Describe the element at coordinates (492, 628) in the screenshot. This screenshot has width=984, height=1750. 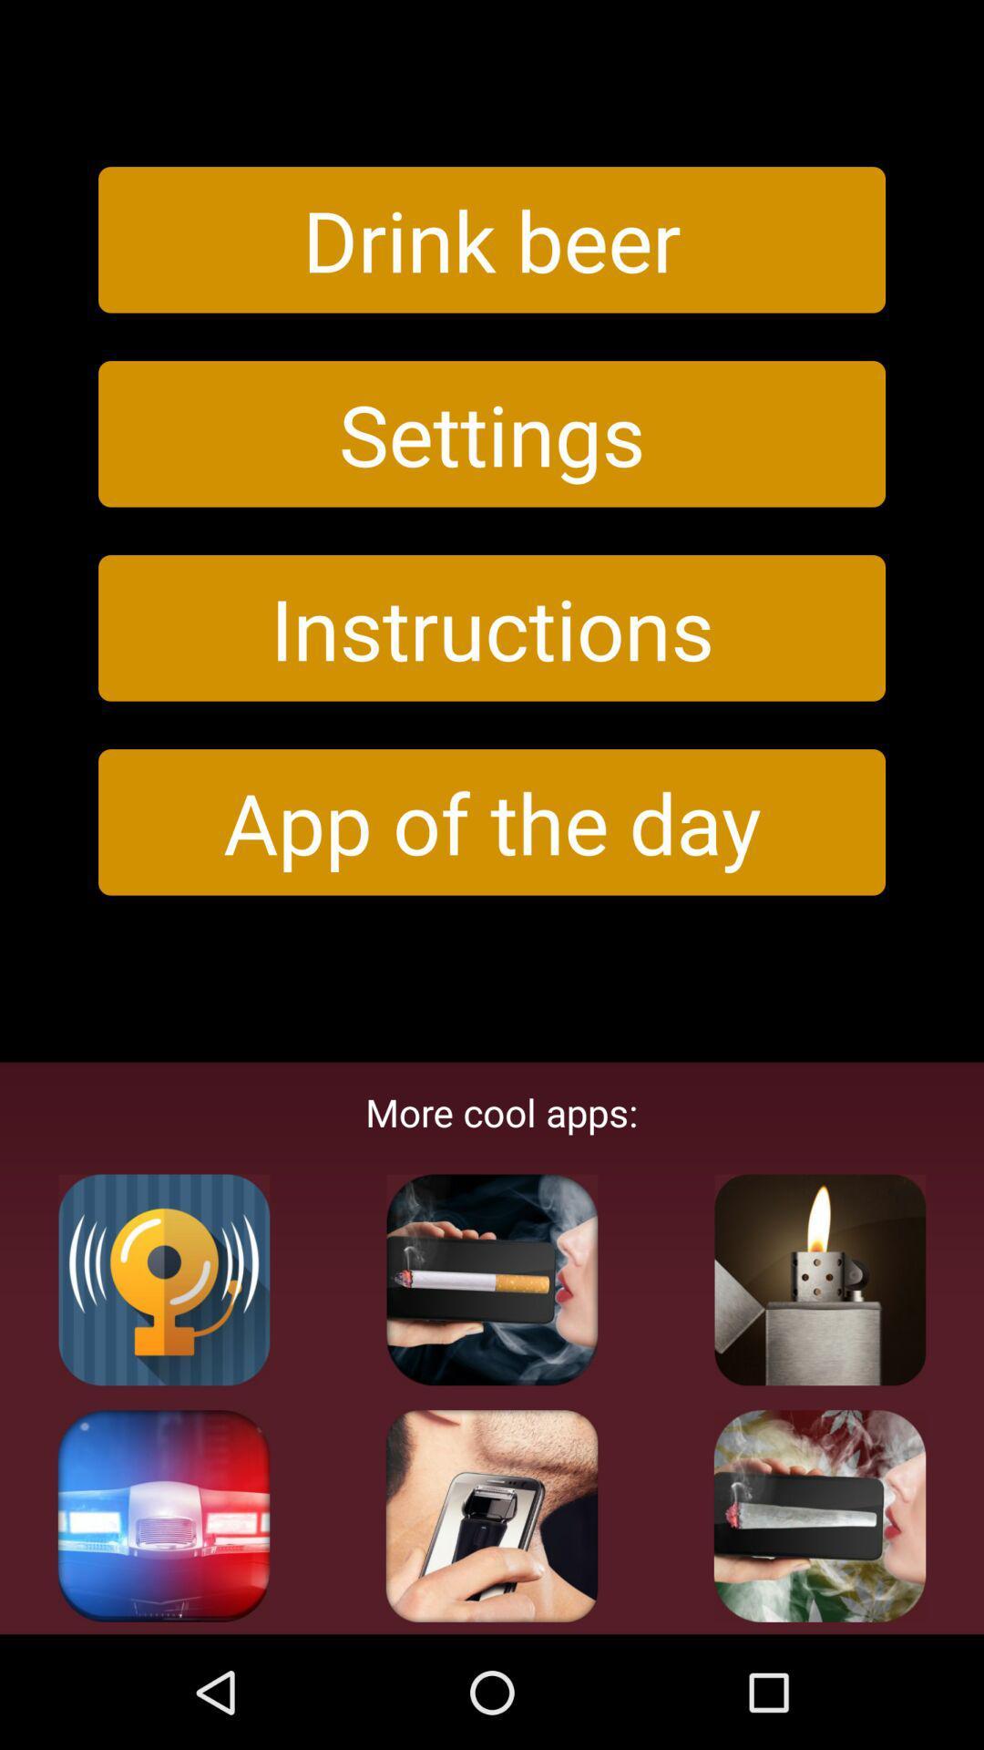
I see `the item above the app of the icon` at that location.